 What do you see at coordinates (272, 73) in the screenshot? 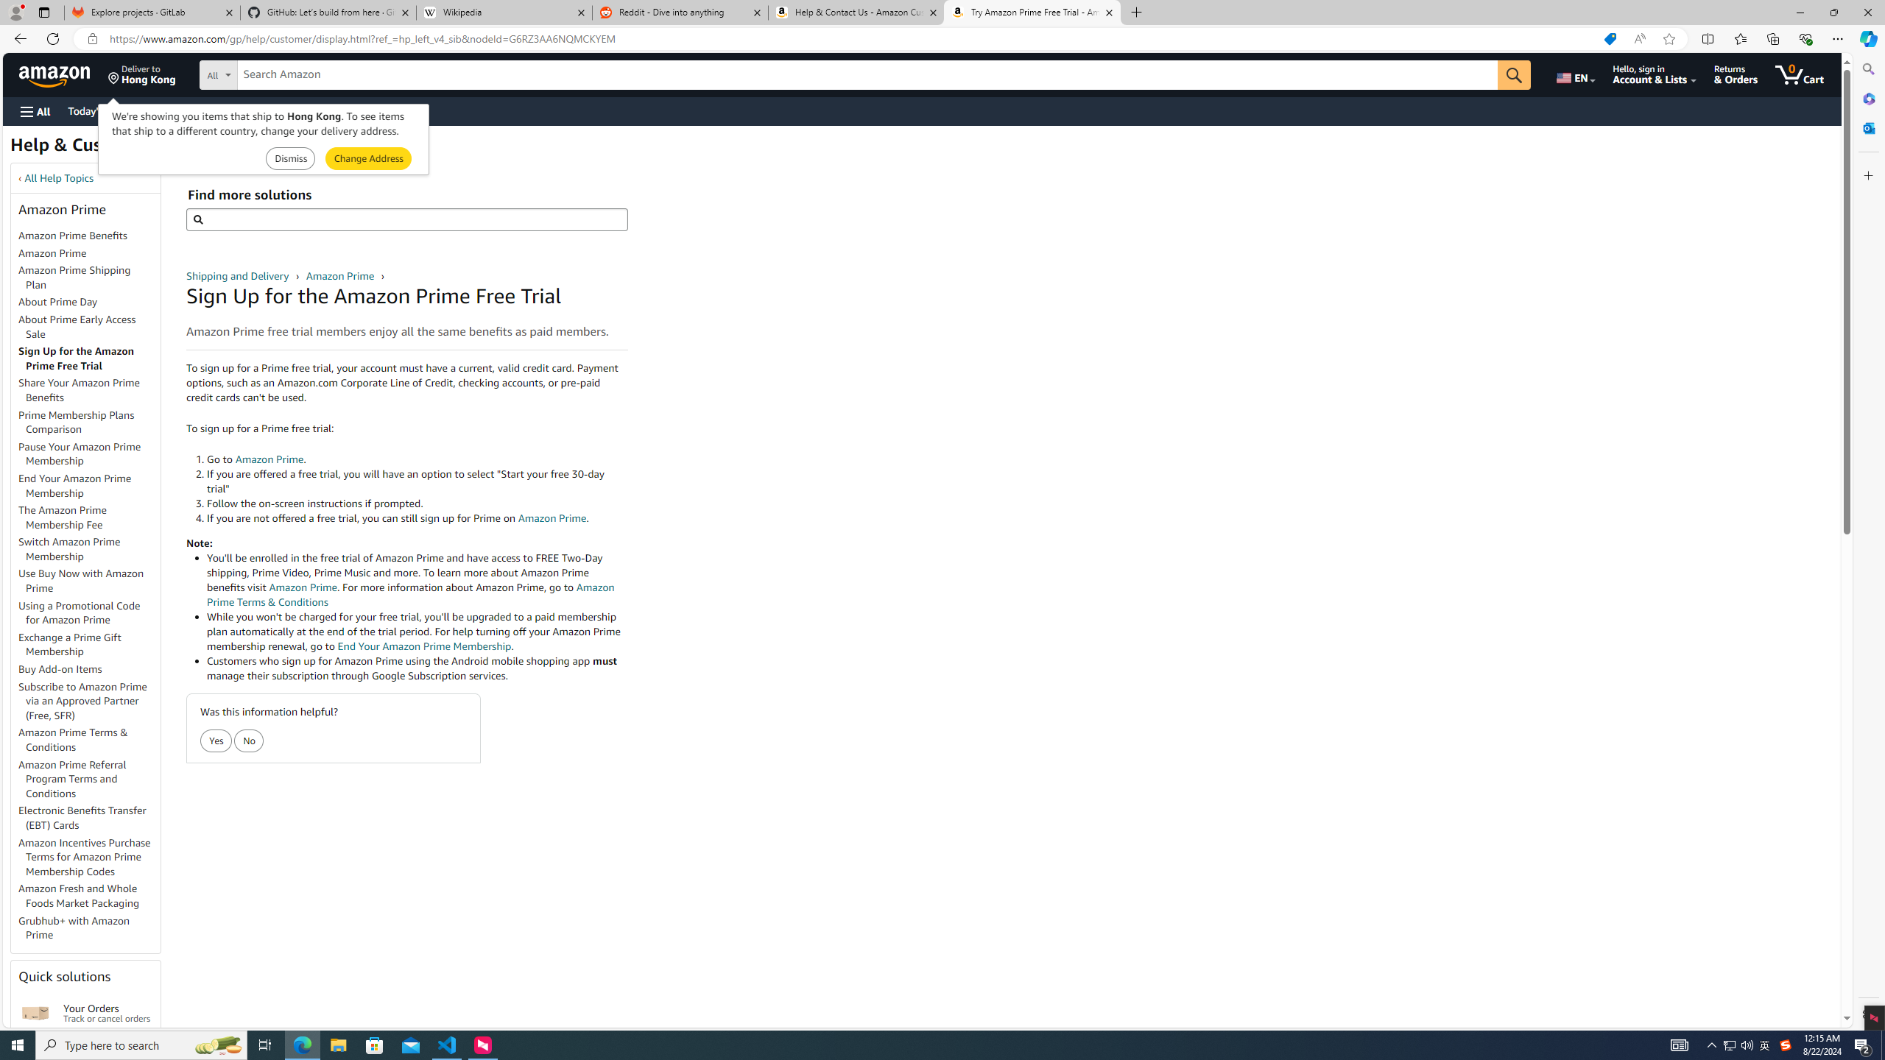
I see `'Search in'` at bounding box center [272, 73].